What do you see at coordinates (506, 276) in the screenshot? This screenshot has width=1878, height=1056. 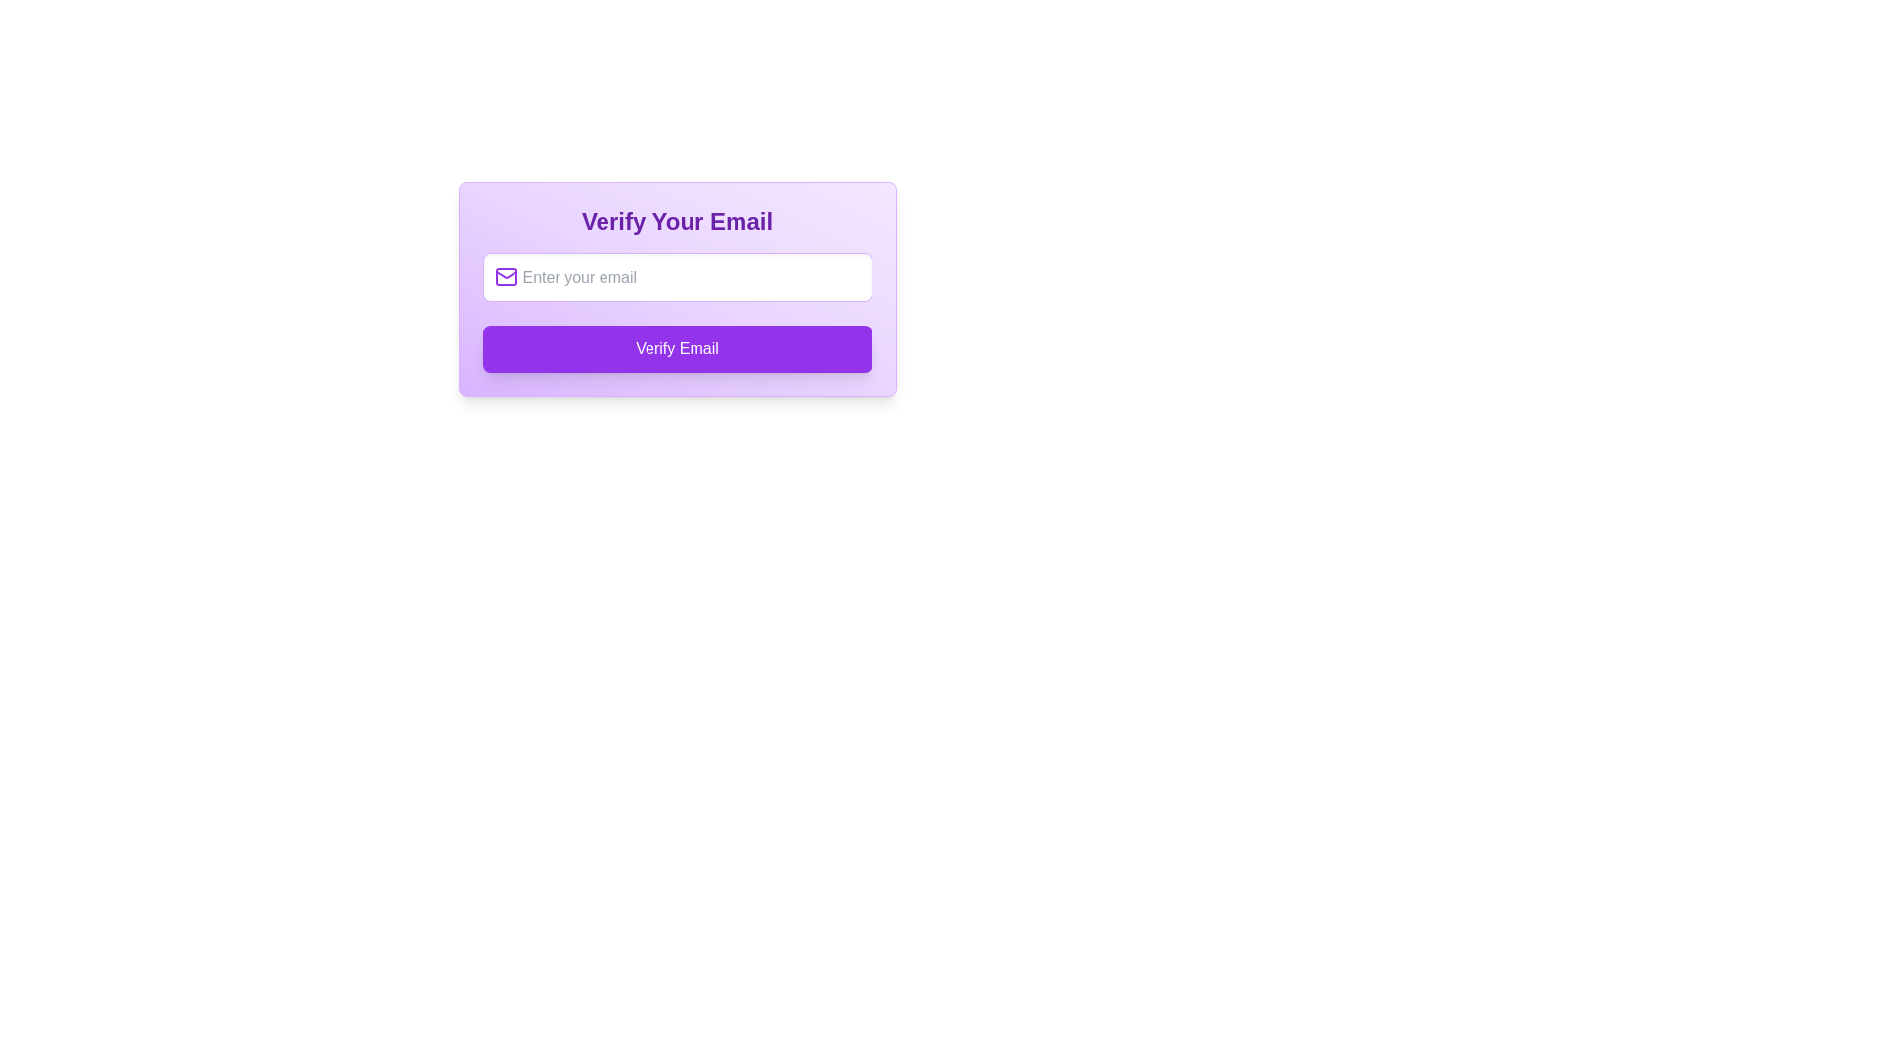 I see `the mail icon, which is represented as an outlined envelope-shaped graphic in purple color, located to the left within the input field area, near the placeholder text 'Enter your email'` at bounding box center [506, 276].